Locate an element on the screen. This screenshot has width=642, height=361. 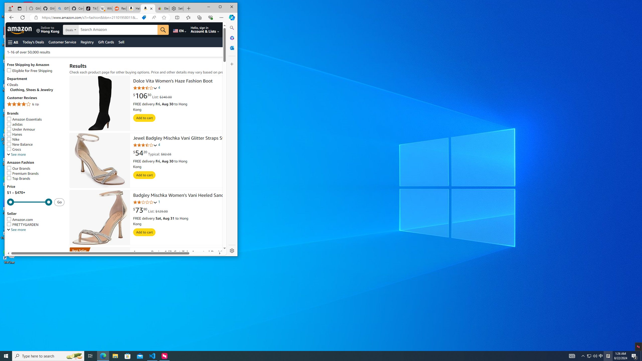
'Deals' is located at coordinates (36, 84).